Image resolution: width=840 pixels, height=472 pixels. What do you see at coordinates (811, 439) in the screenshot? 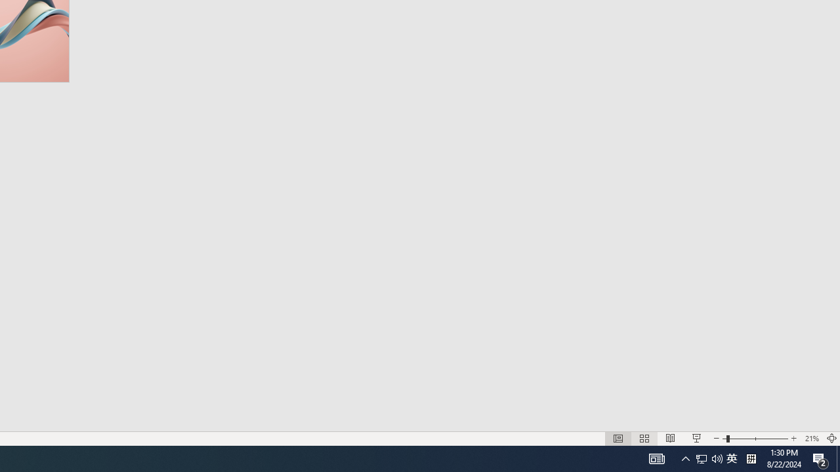
I see `'Zoom 21%'` at bounding box center [811, 439].